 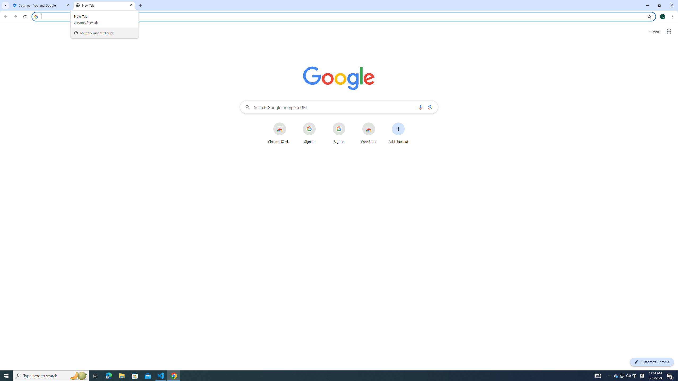 What do you see at coordinates (15, 16) in the screenshot?
I see `'Forward'` at bounding box center [15, 16].